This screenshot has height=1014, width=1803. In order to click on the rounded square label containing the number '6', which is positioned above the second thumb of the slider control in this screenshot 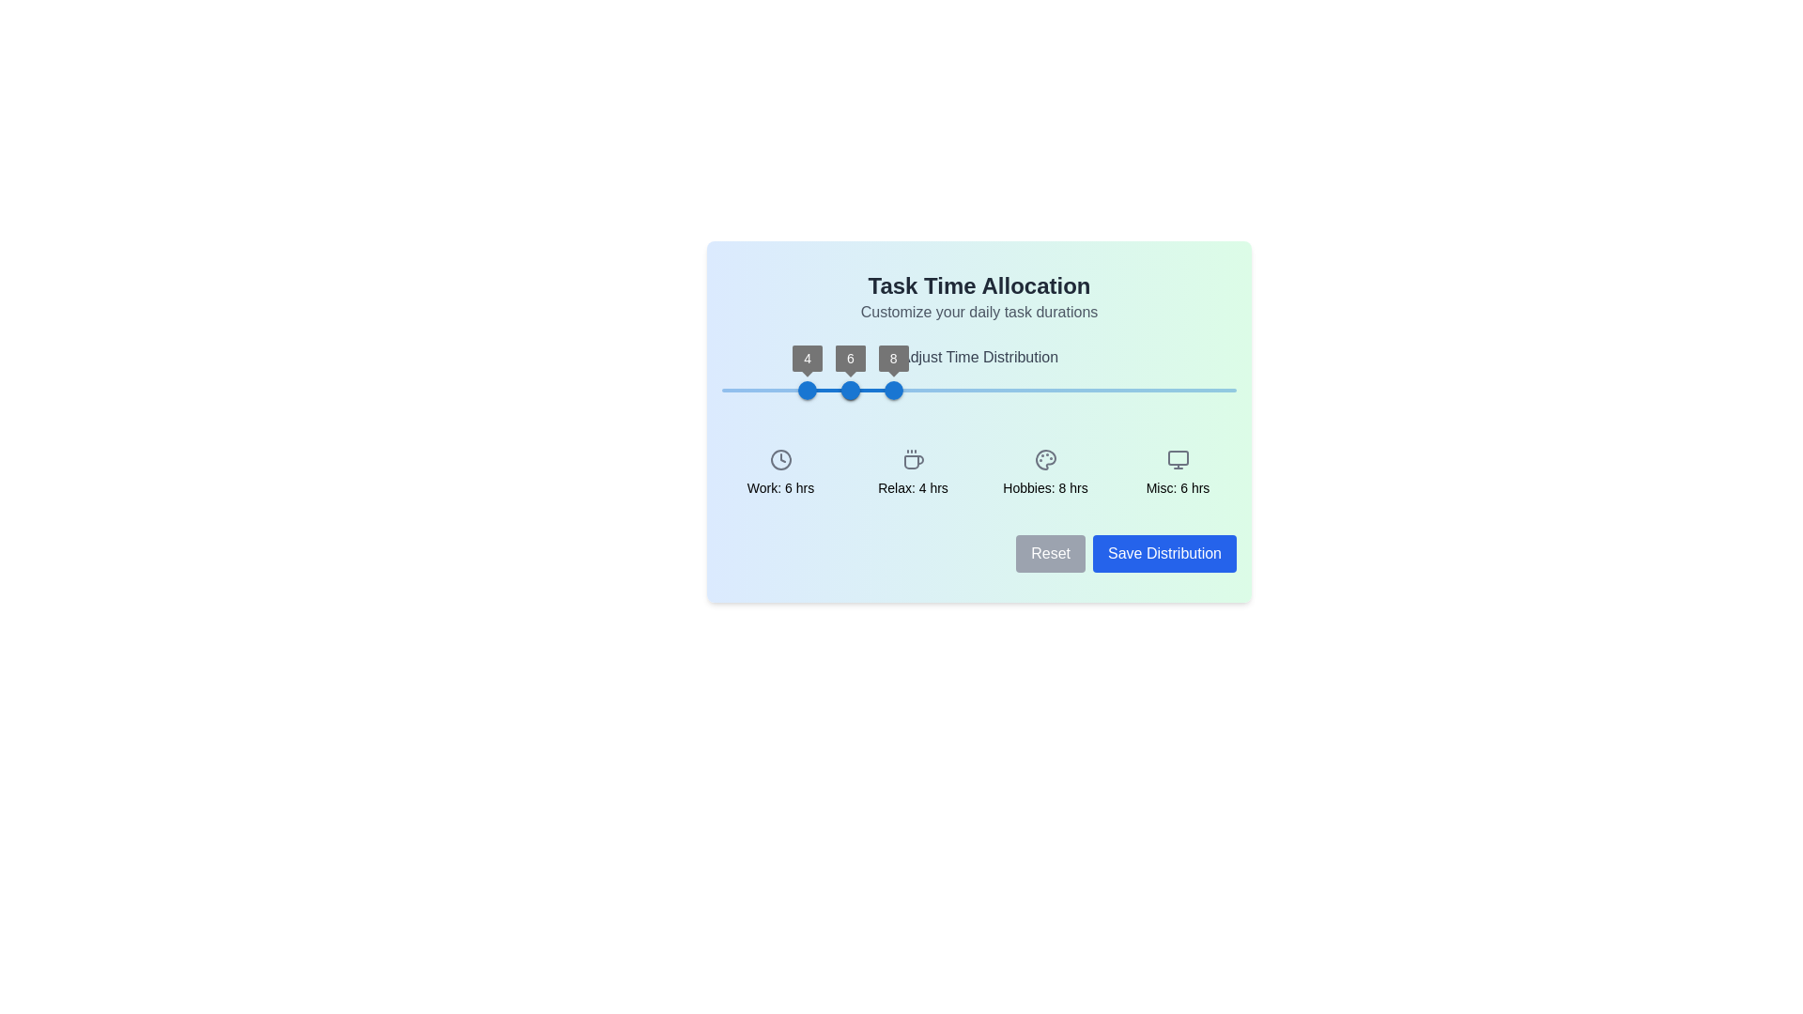, I will do `click(850, 358)`.